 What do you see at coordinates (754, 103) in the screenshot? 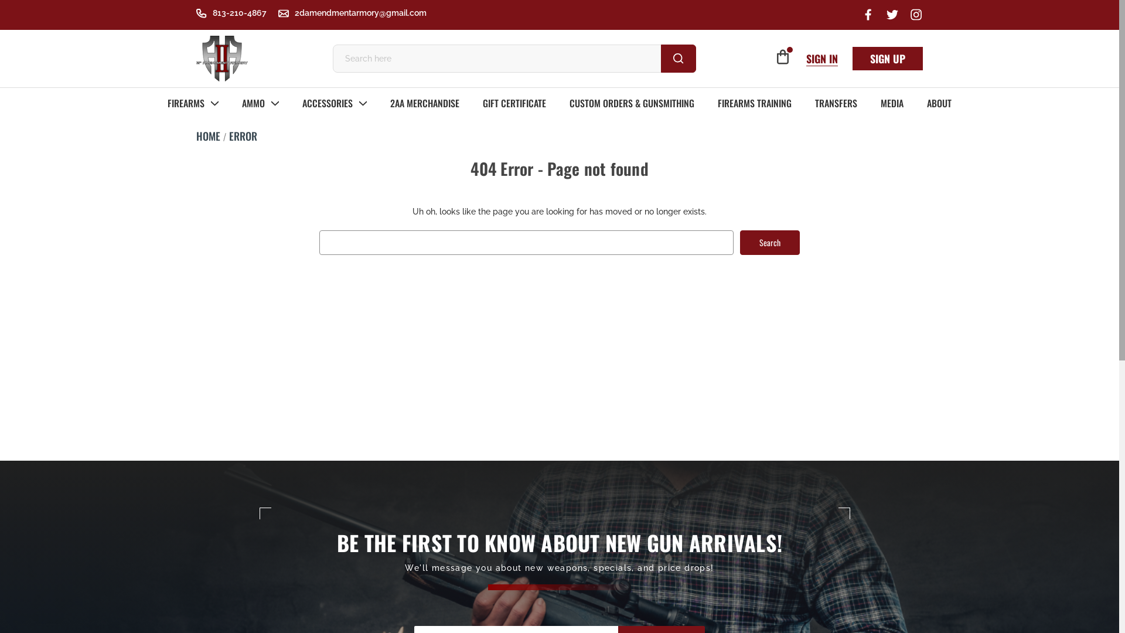
I see `'FIREARMS TRAINING'` at bounding box center [754, 103].